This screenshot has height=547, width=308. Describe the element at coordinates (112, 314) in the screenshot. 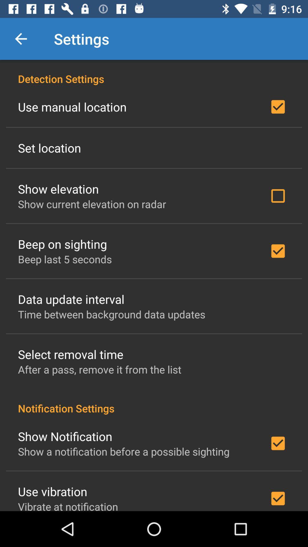

I see `time between background at the center` at that location.